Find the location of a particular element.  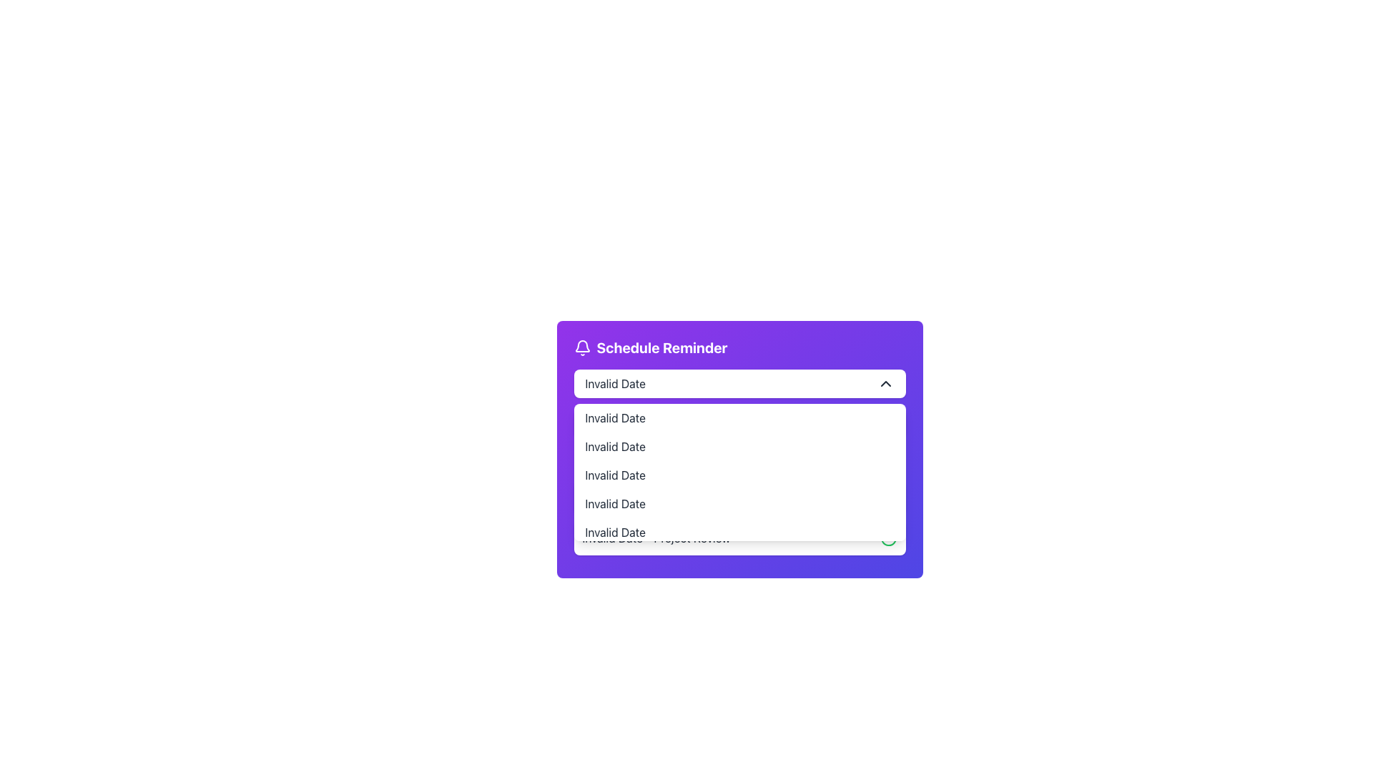

the second item in the 'Schedule Reminder' dropdown list is located at coordinates (739, 423).